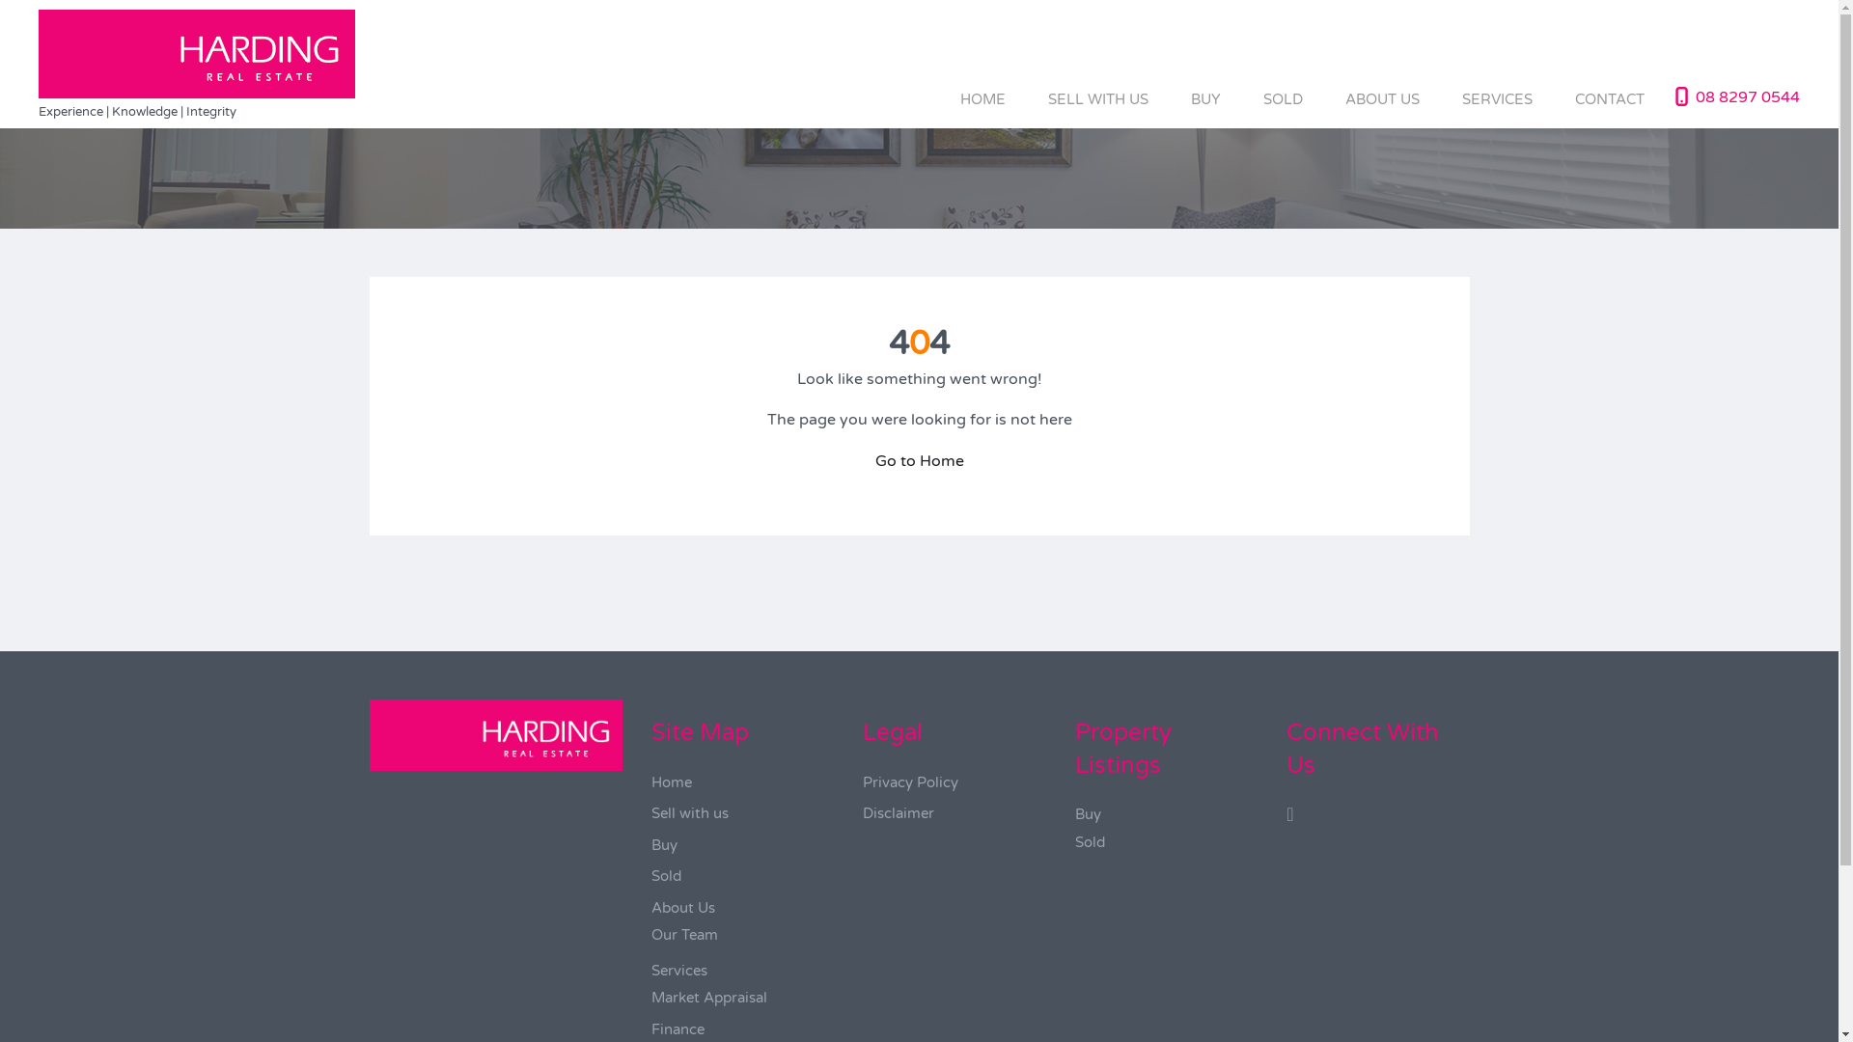 The width and height of the screenshot is (1853, 1042). Describe the element at coordinates (982, 98) in the screenshot. I see `'HOME'` at that location.